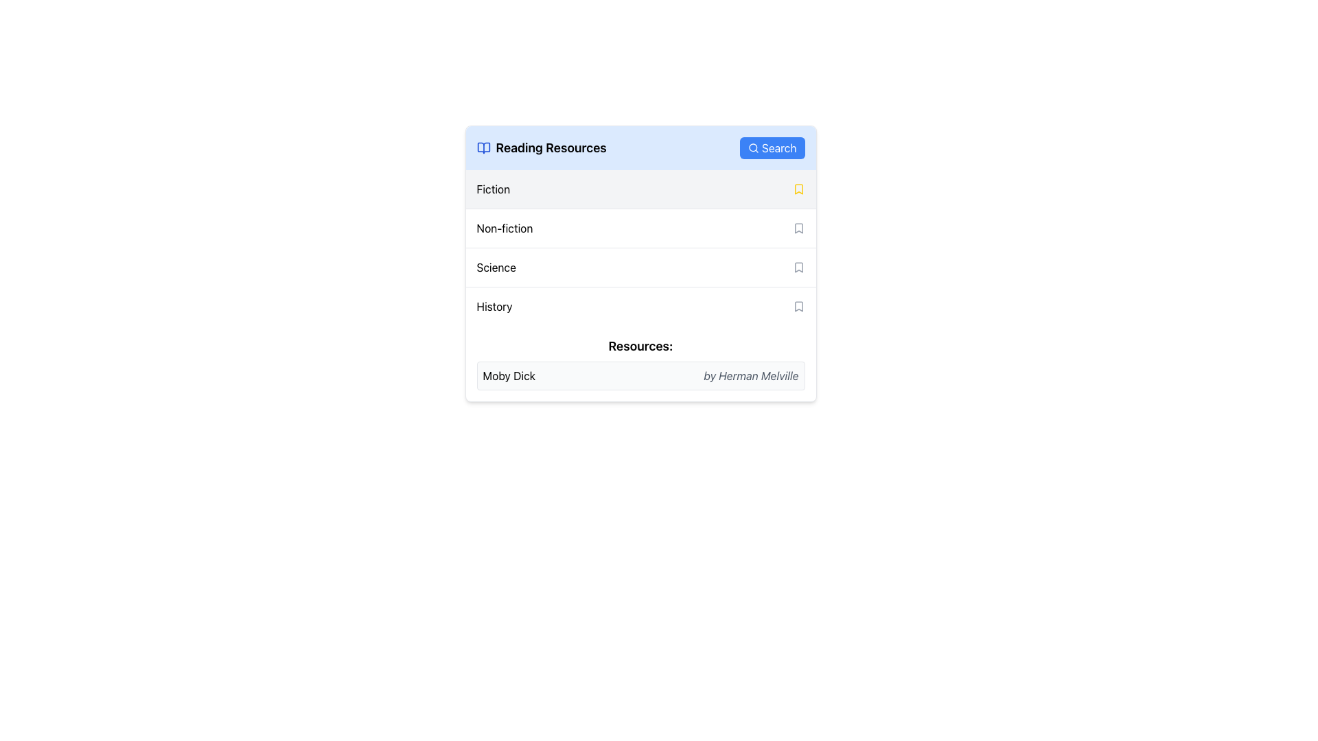  Describe the element at coordinates (541, 148) in the screenshot. I see `the Text label located in the top-left segment of a blue header bar, which is to the left of the blue 'Search' button and has an open book icon to its left` at that location.